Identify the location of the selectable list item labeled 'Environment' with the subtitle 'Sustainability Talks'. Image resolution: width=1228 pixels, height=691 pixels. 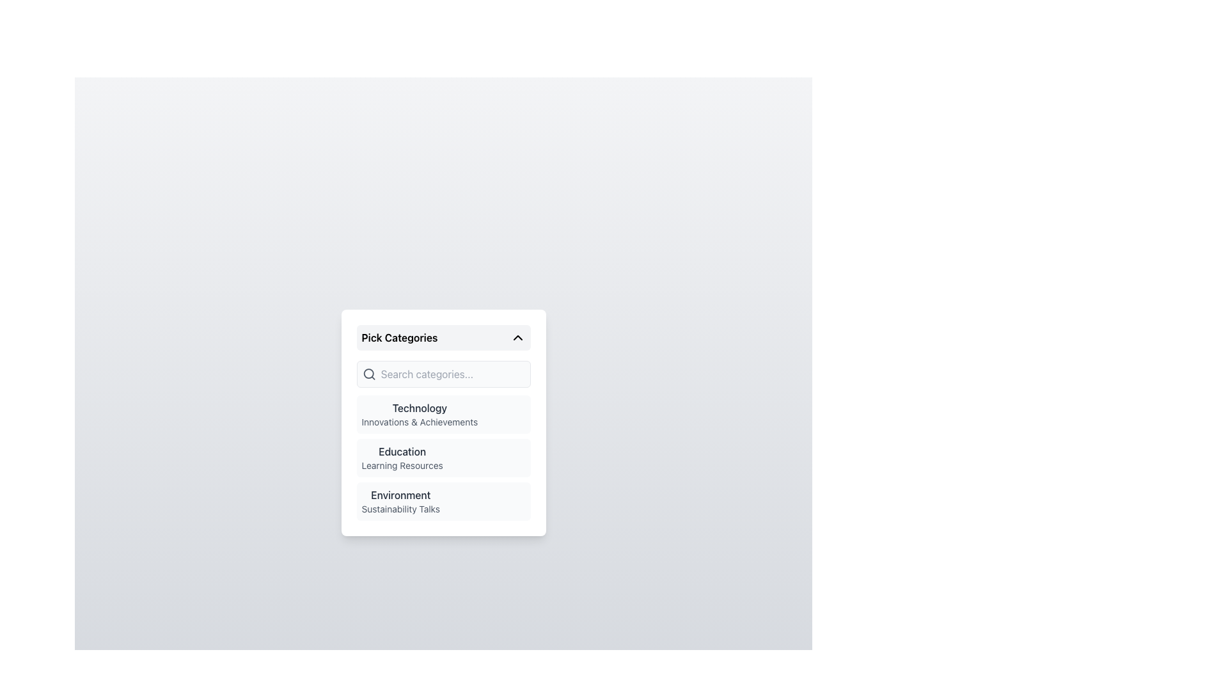
(443, 500).